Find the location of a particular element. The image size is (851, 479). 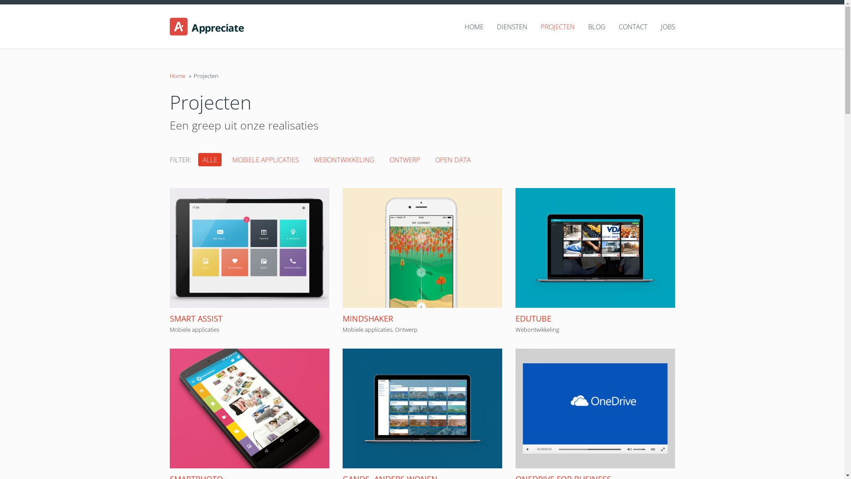

'WEBONTWIKKELING' is located at coordinates (344, 159).